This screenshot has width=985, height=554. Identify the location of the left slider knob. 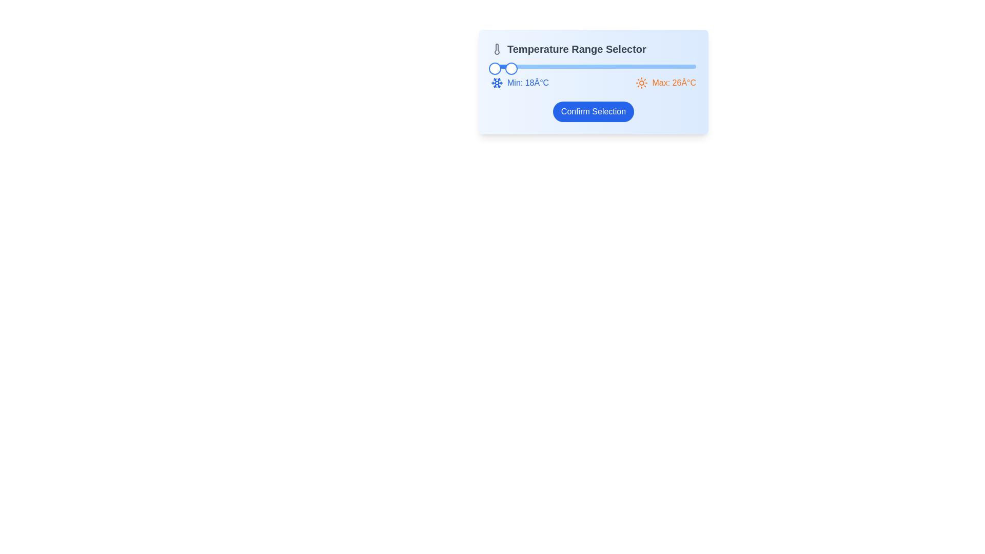
(497, 69).